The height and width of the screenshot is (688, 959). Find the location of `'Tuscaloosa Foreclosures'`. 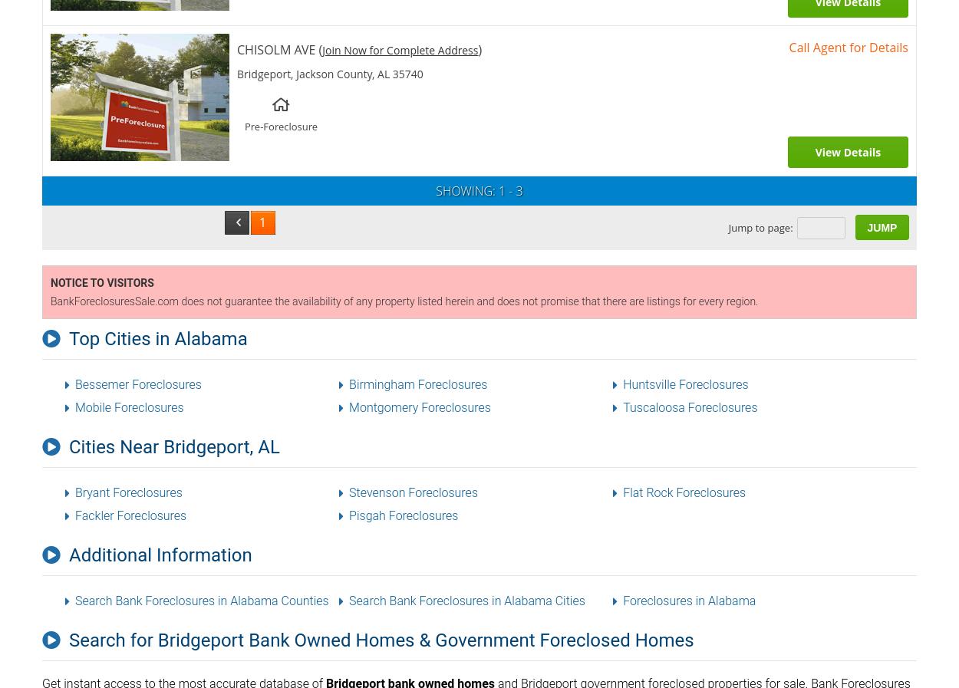

'Tuscaloosa Foreclosures' is located at coordinates (690, 407).